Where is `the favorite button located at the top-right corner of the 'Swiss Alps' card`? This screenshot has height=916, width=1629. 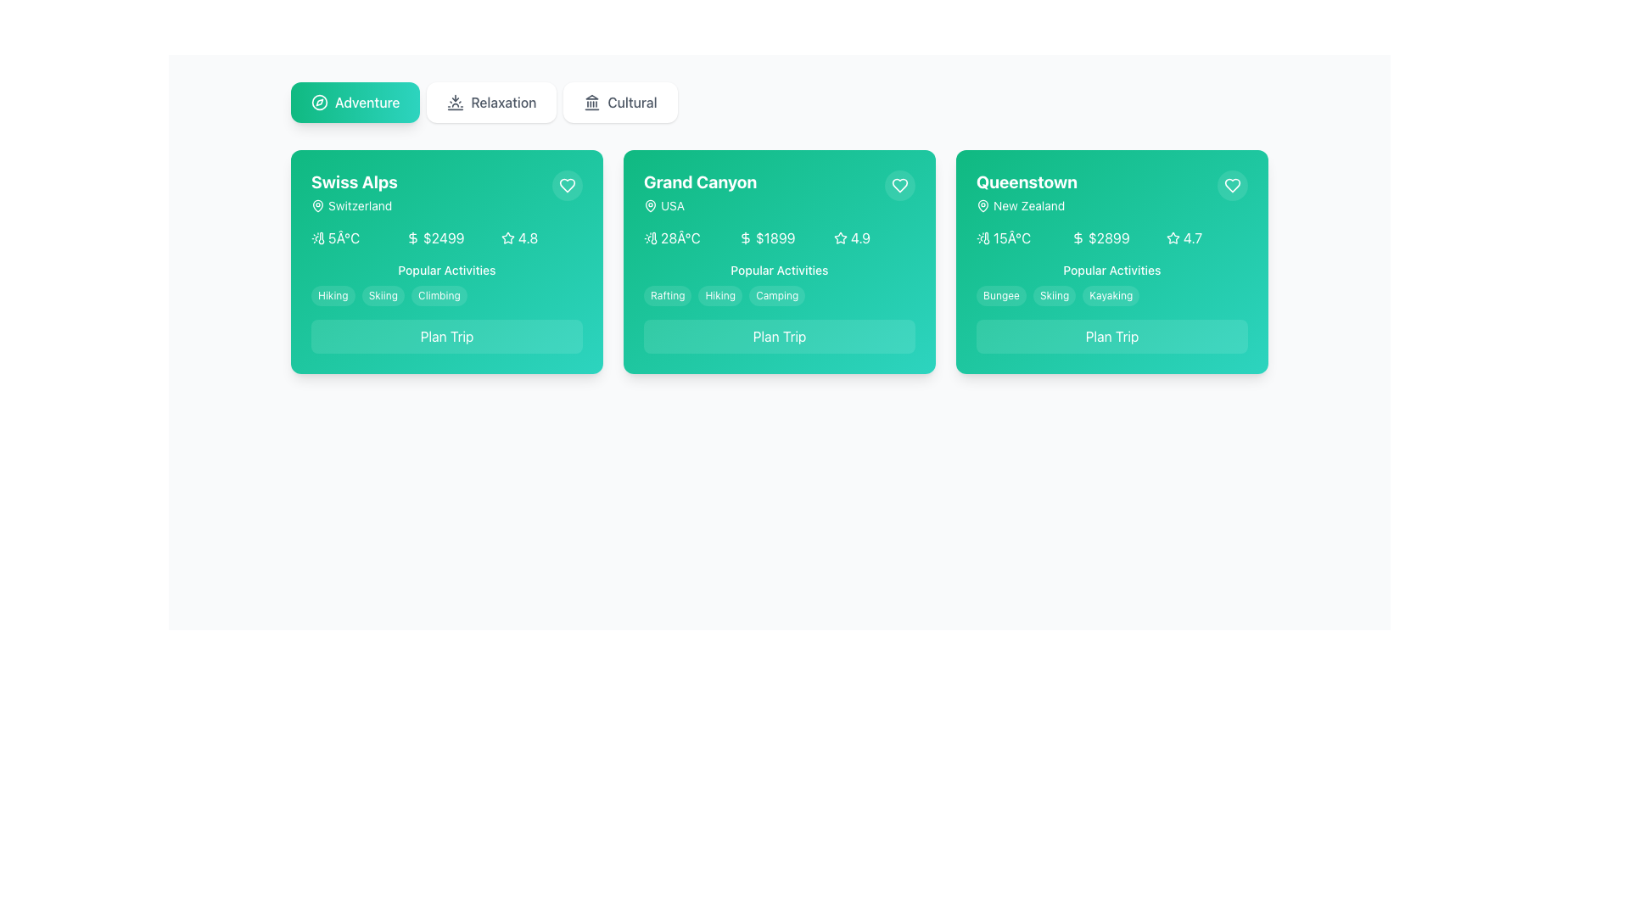 the favorite button located at the top-right corner of the 'Swiss Alps' card is located at coordinates (567, 186).